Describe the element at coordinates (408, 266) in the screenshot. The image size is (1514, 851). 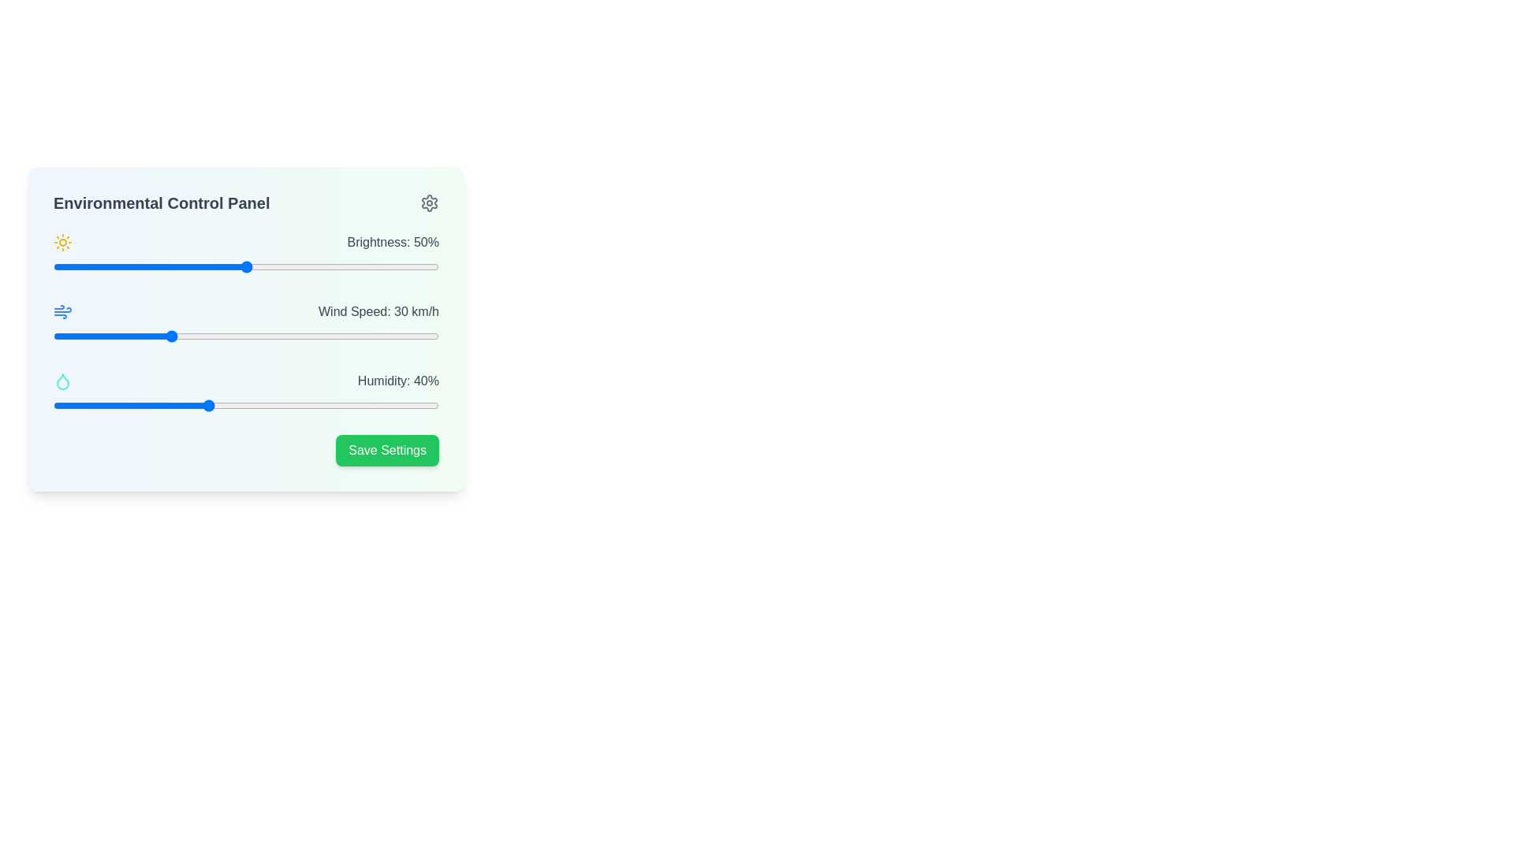
I see `brightness` at that location.